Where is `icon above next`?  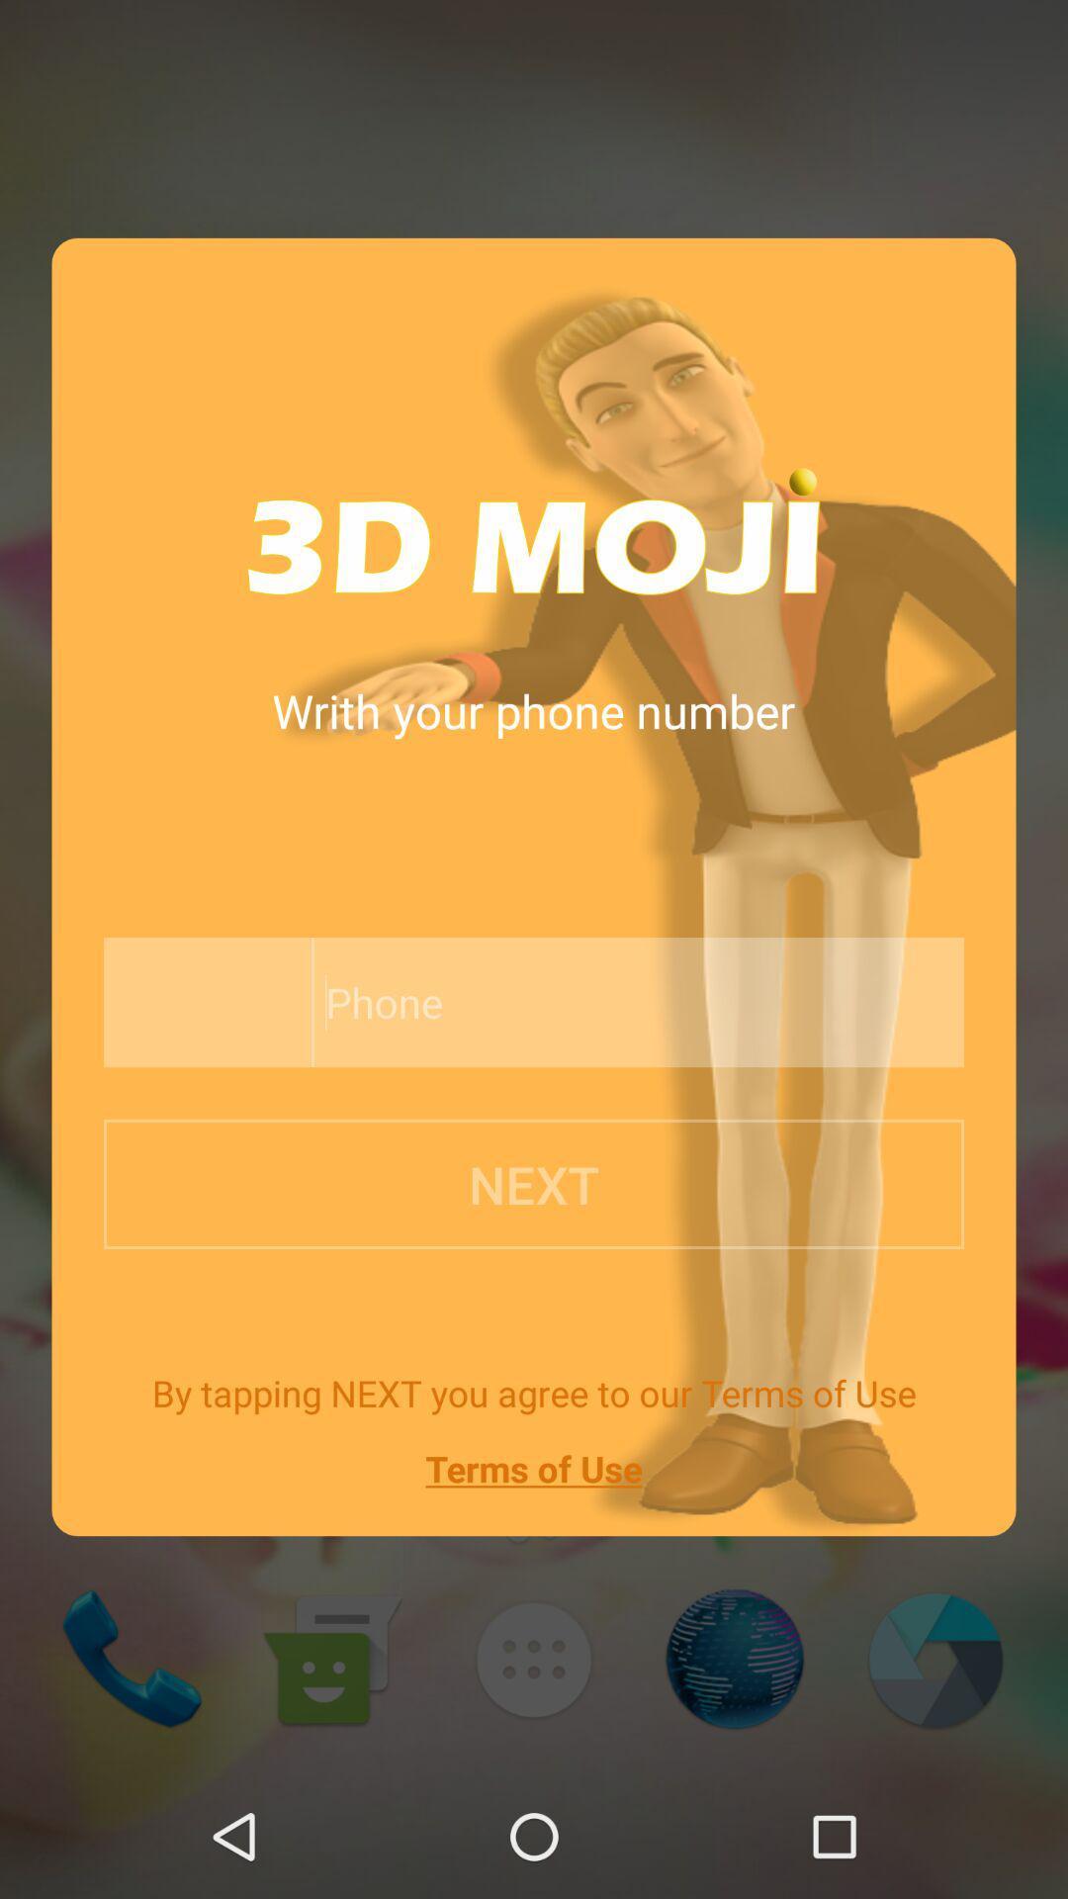 icon above next is located at coordinates (591, 1002).